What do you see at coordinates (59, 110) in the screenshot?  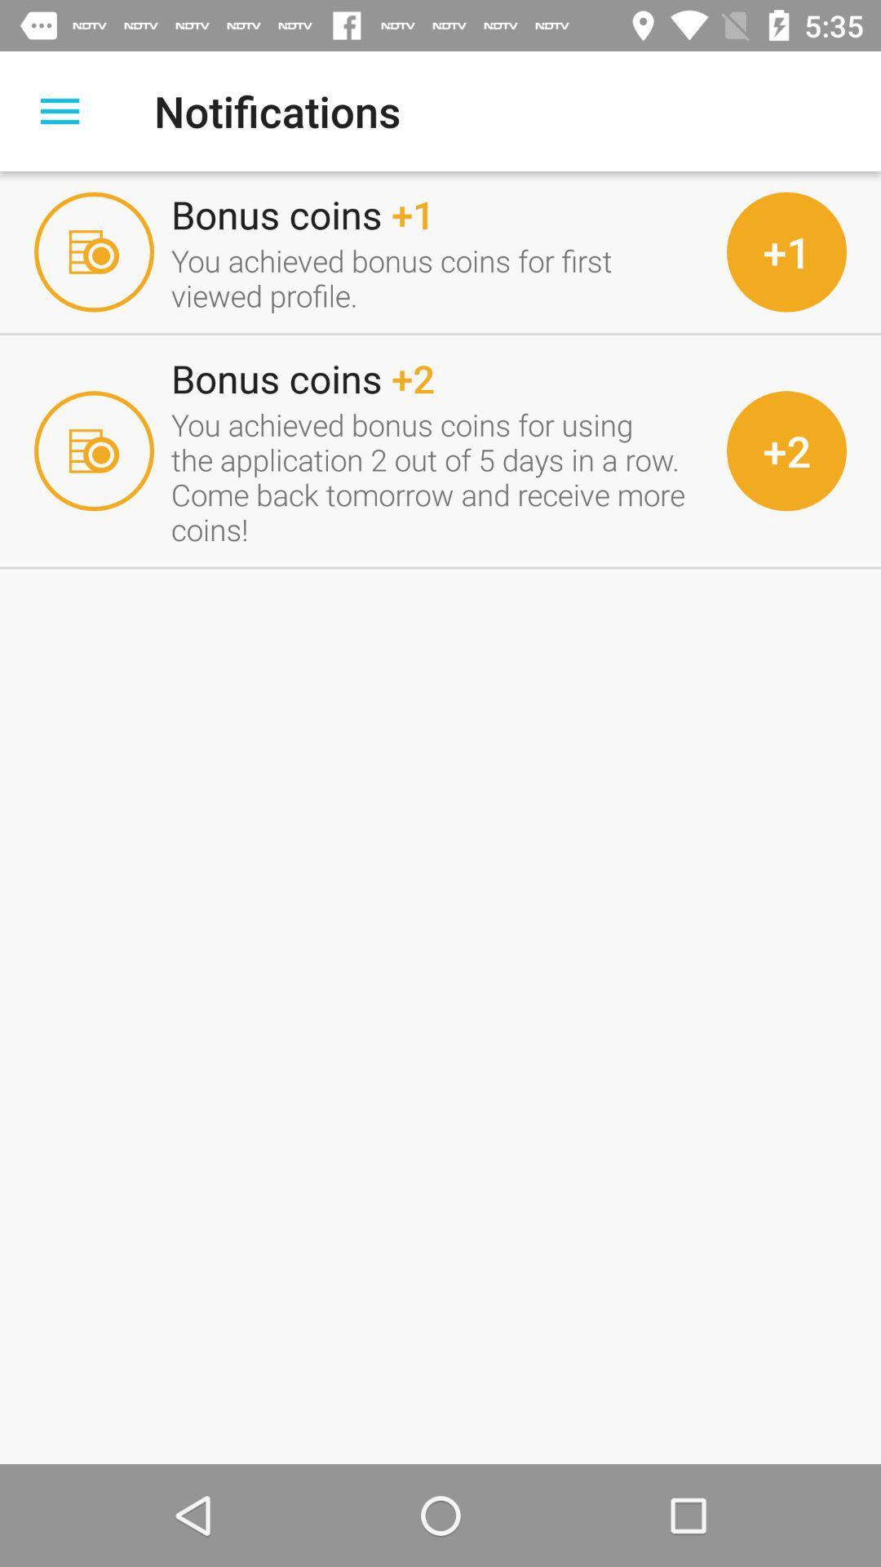 I see `open main menu` at bounding box center [59, 110].